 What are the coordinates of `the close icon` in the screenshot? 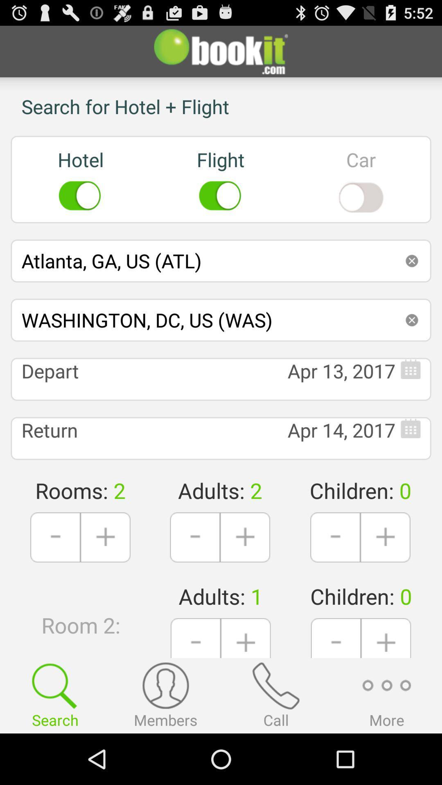 It's located at (412, 343).